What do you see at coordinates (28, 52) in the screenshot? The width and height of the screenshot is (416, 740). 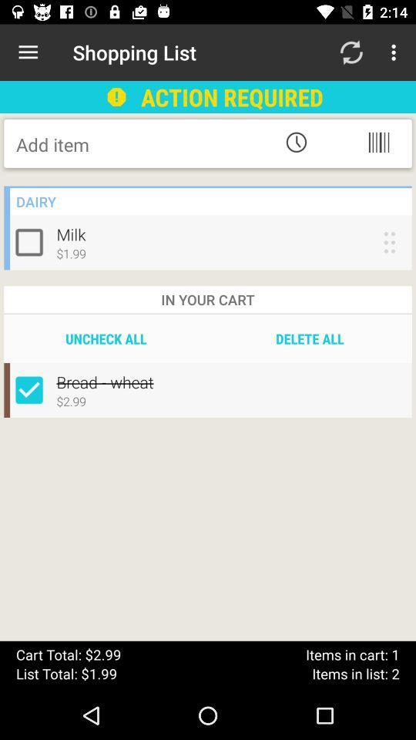 I see `the icon next to shopping list item` at bounding box center [28, 52].